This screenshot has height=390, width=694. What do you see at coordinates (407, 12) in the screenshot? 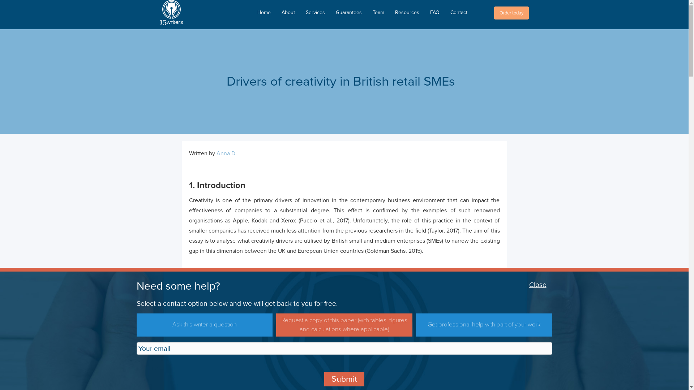
I see `'Resources'` at bounding box center [407, 12].